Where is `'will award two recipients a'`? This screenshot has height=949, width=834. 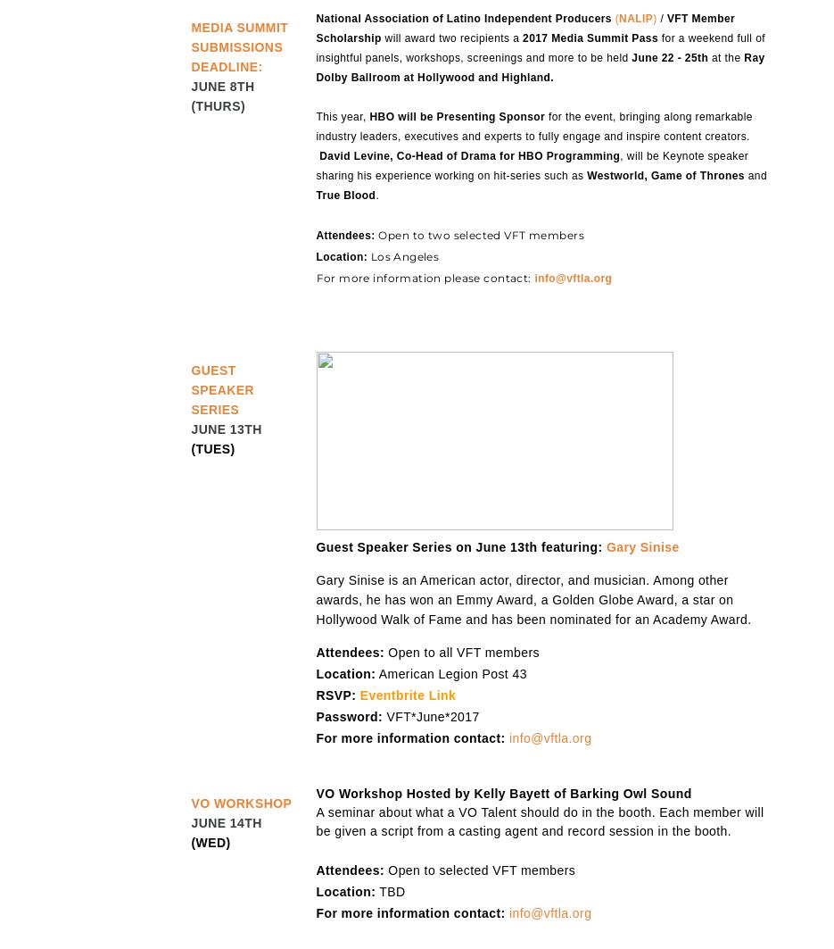 'will award two recipients a' is located at coordinates (451, 38).